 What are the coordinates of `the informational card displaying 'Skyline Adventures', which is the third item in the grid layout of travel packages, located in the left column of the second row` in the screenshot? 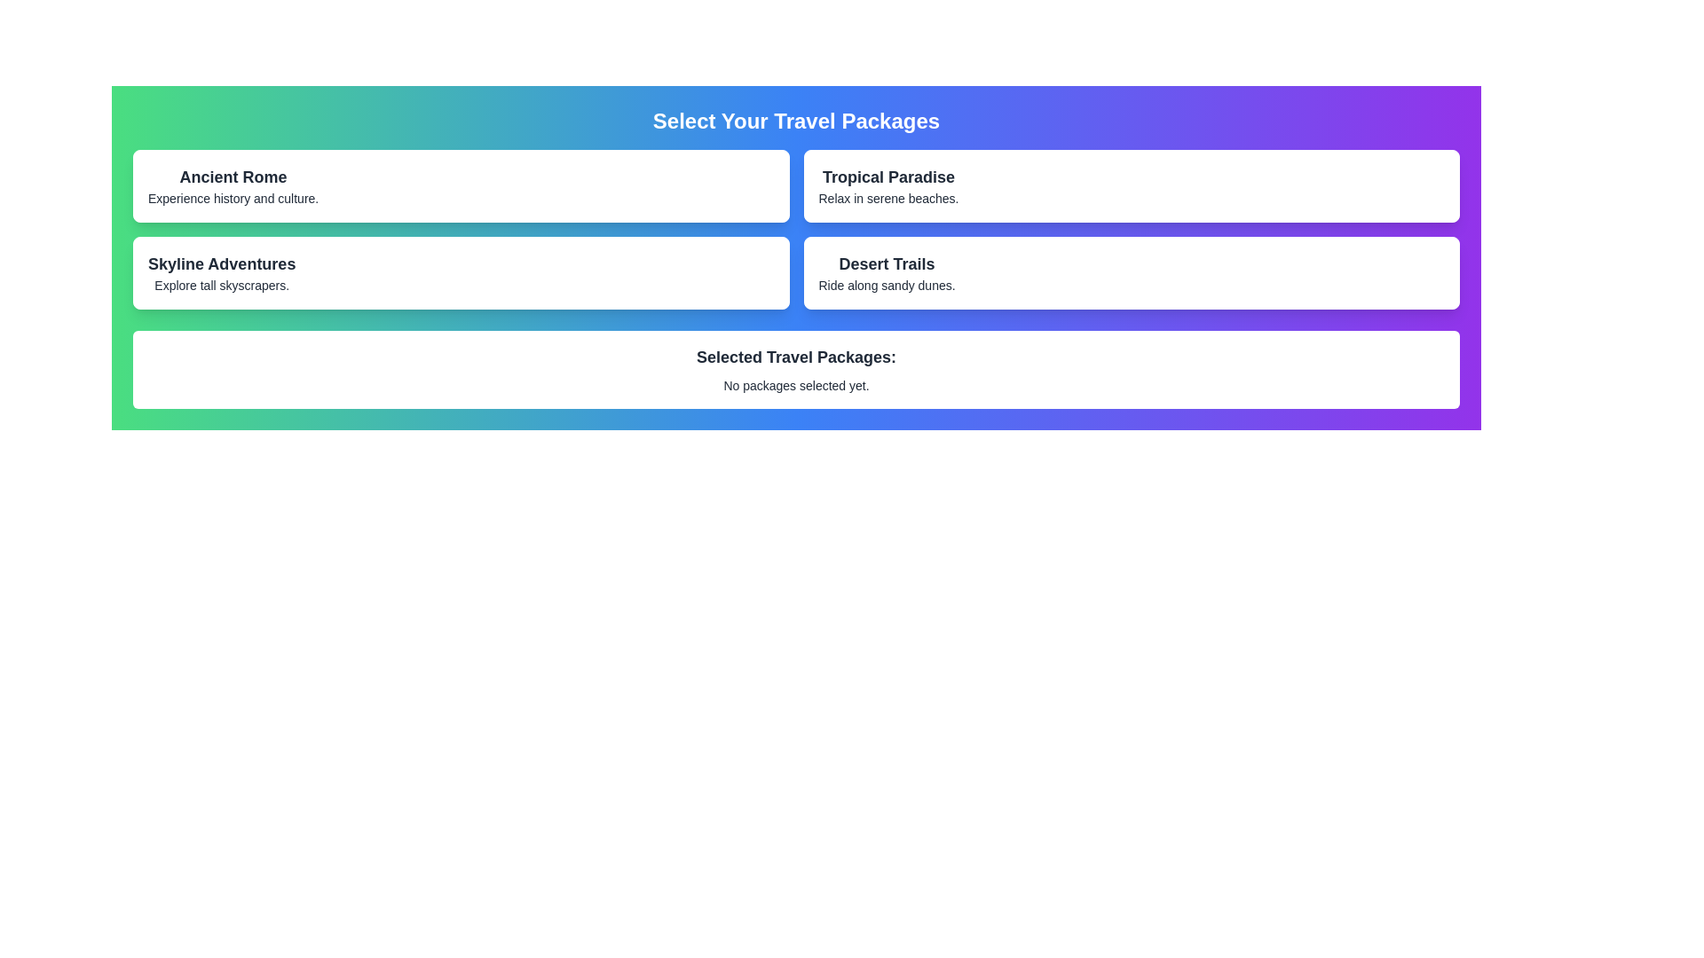 It's located at (461, 273).